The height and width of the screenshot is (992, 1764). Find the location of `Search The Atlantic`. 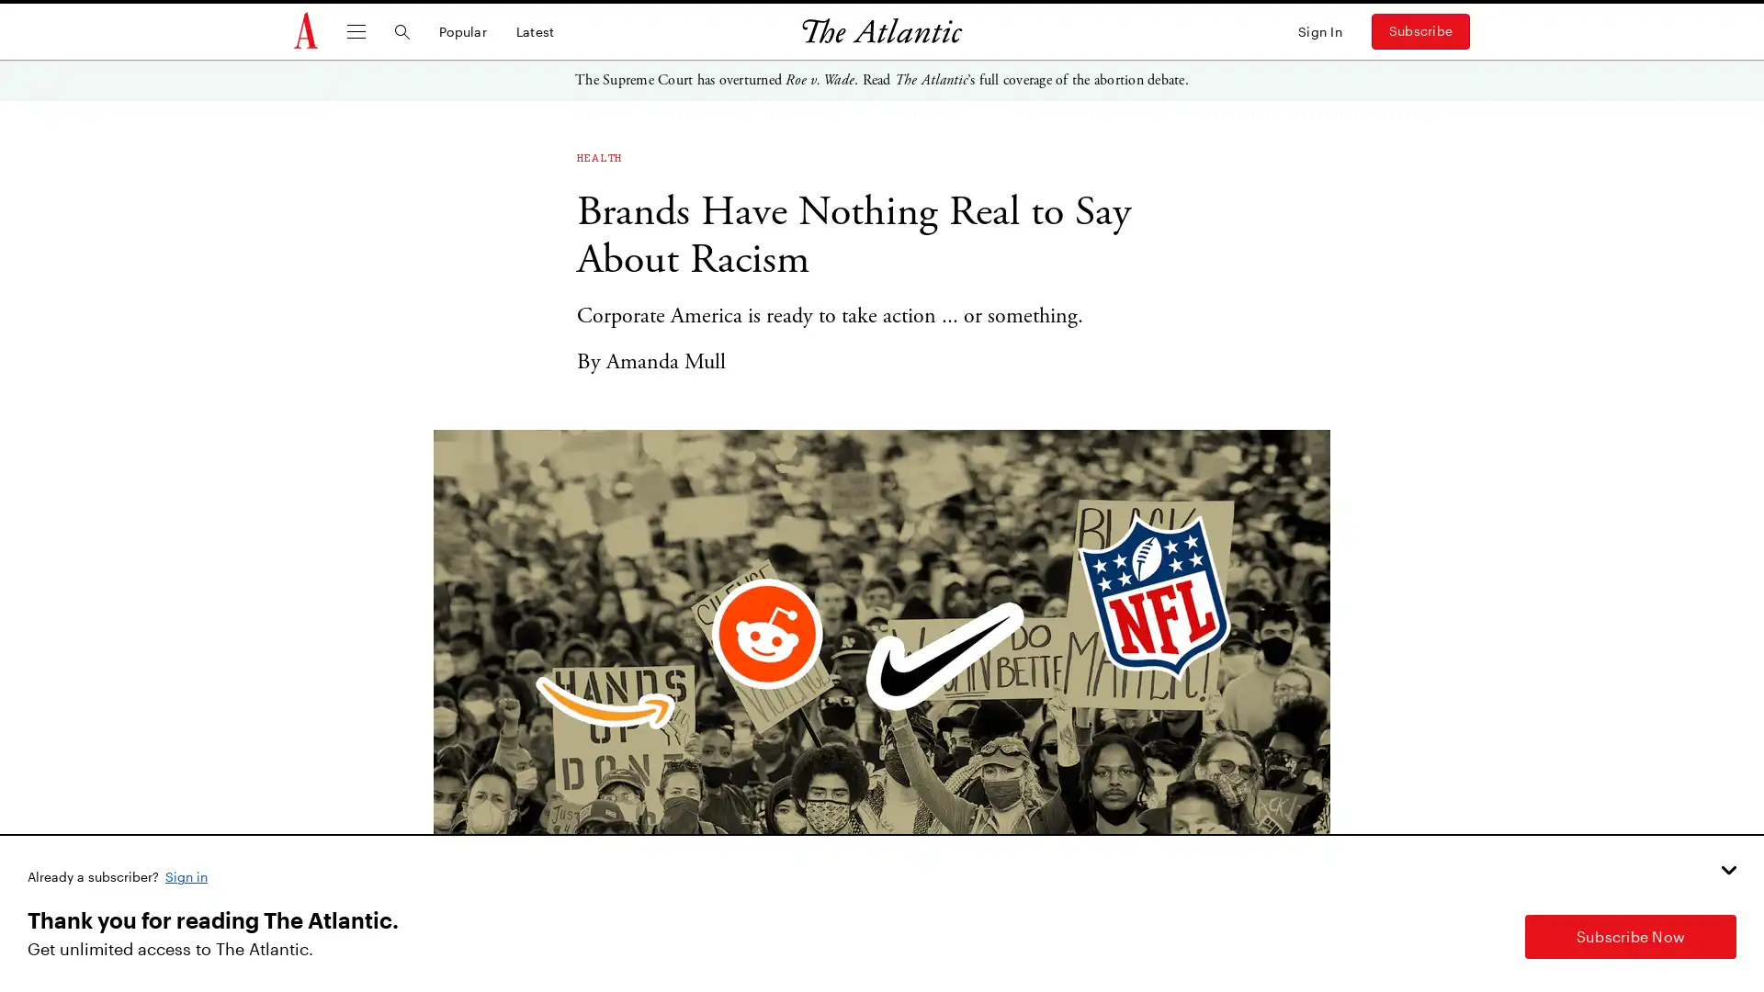

Search The Atlantic is located at coordinates (401, 31).